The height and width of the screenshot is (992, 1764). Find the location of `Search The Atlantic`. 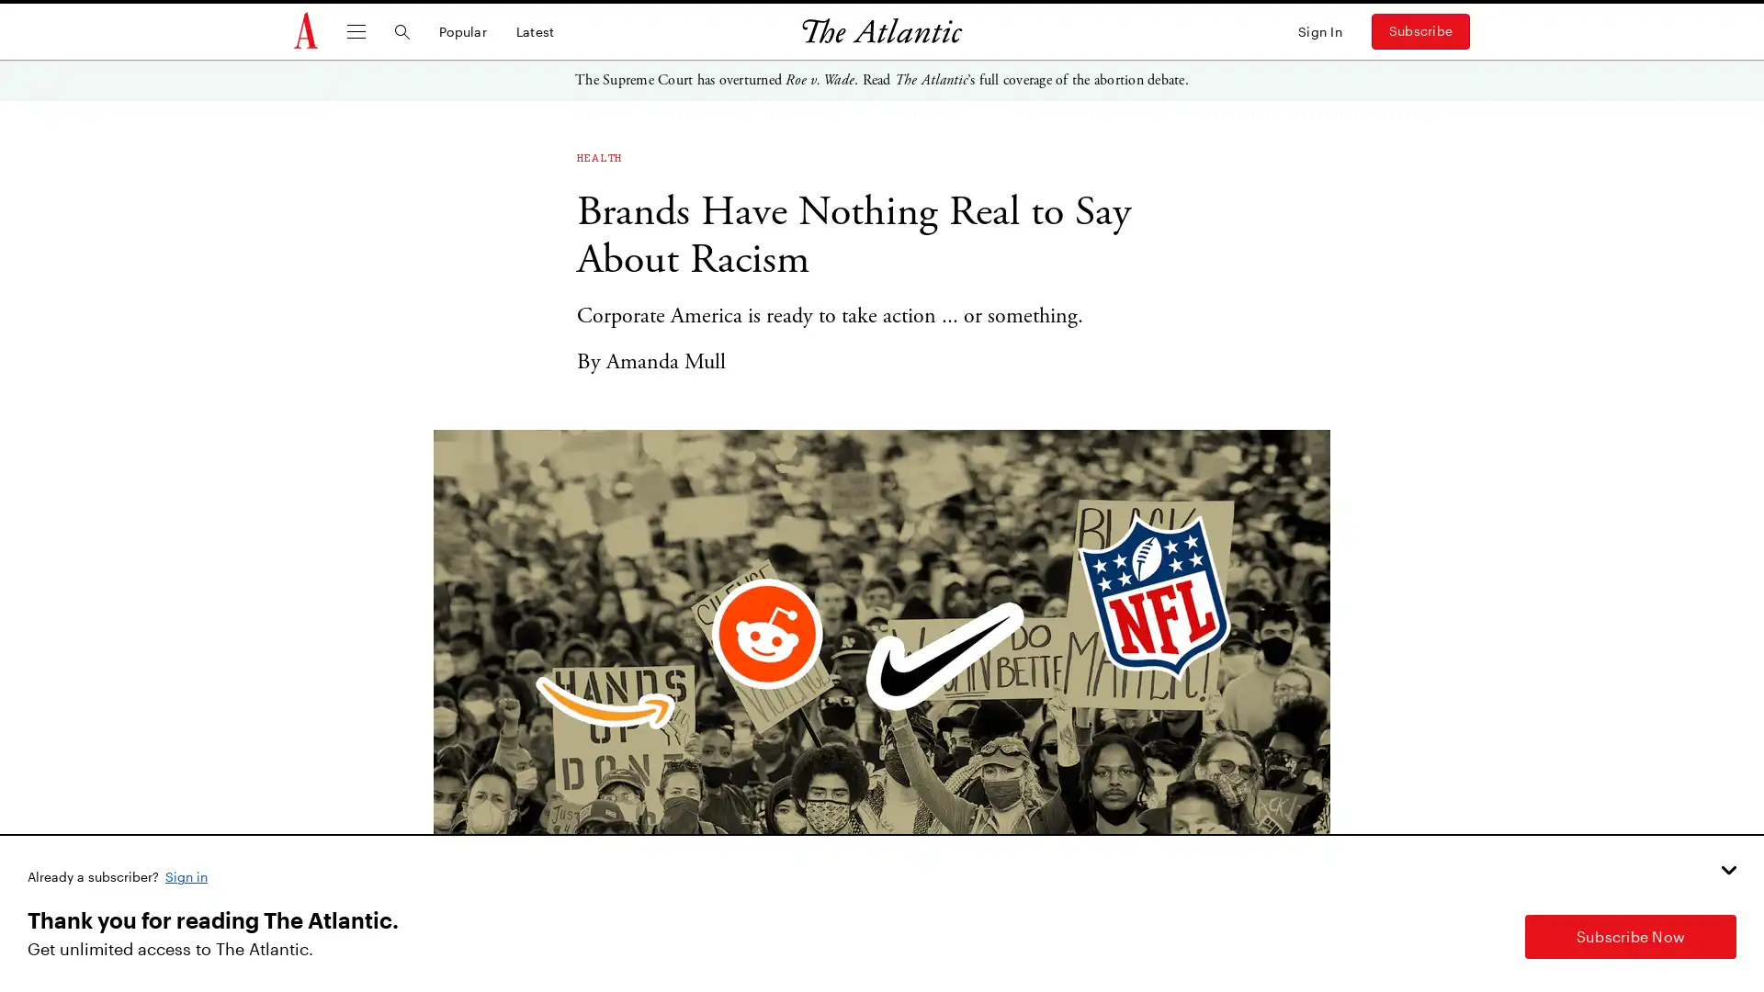

Search The Atlantic is located at coordinates (401, 31).